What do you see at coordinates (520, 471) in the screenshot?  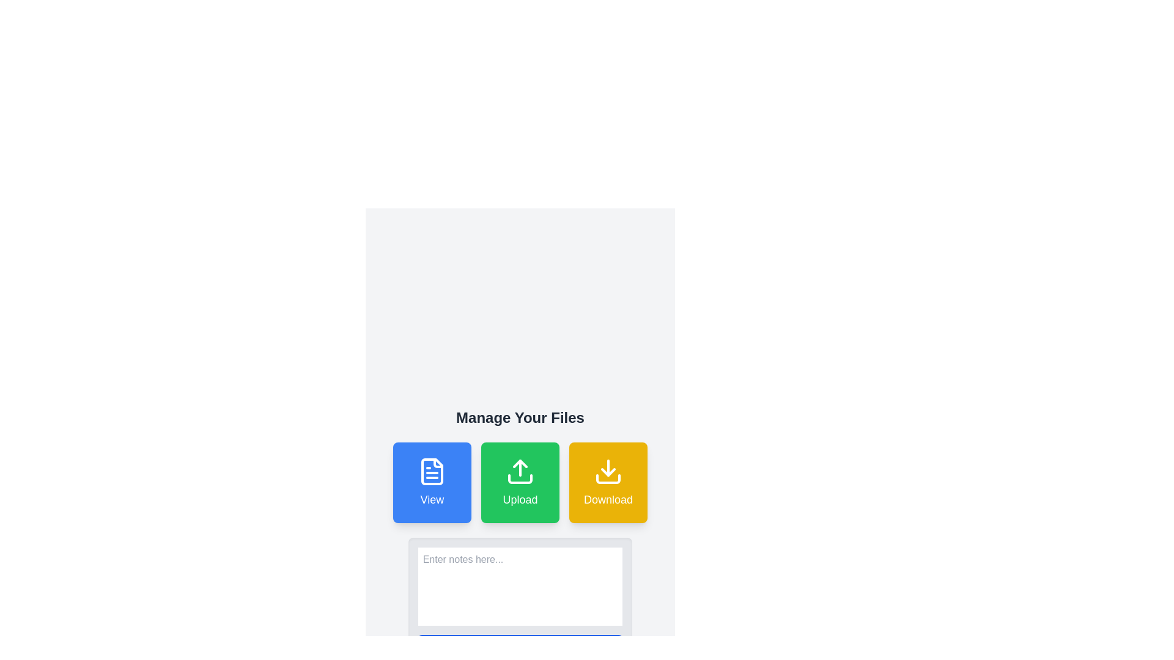 I see `the green upload icon, which features an upward-facing arrow above a tray, located in the second button labeled 'Upload' below the 'Manage Your Files' header` at bounding box center [520, 471].